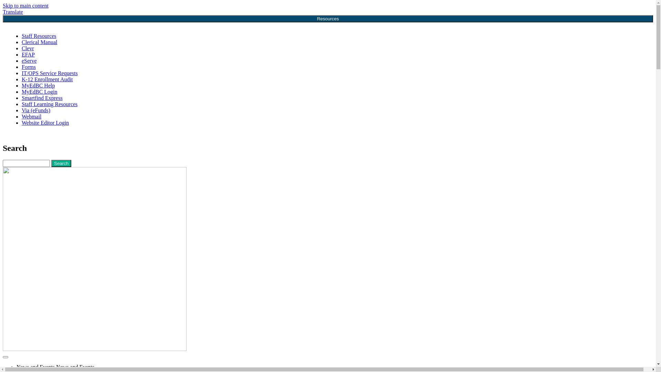 The width and height of the screenshot is (661, 372). What do you see at coordinates (49, 104) in the screenshot?
I see `'Staff Learning Resources'` at bounding box center [49, 104].